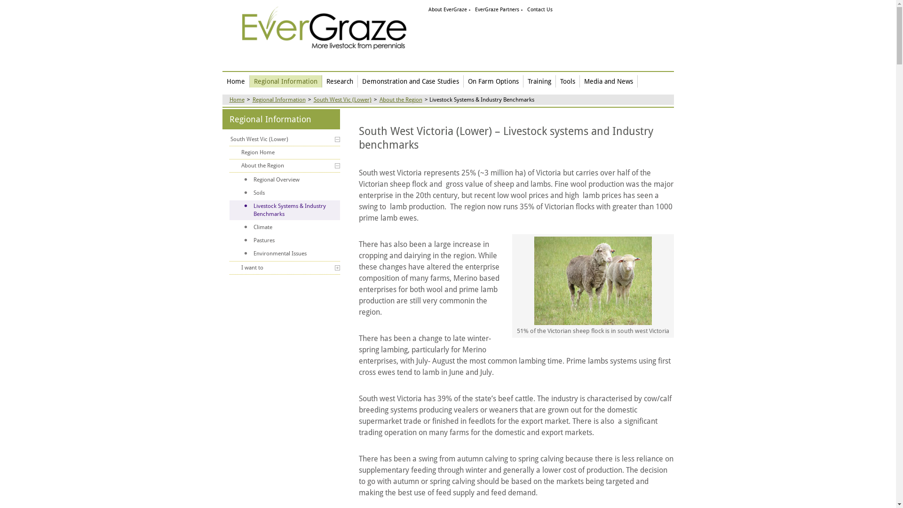  What do you see at coordinates (567, 81) in the screenshot?
I see `'Tools'` at bounding box center [567, 81].